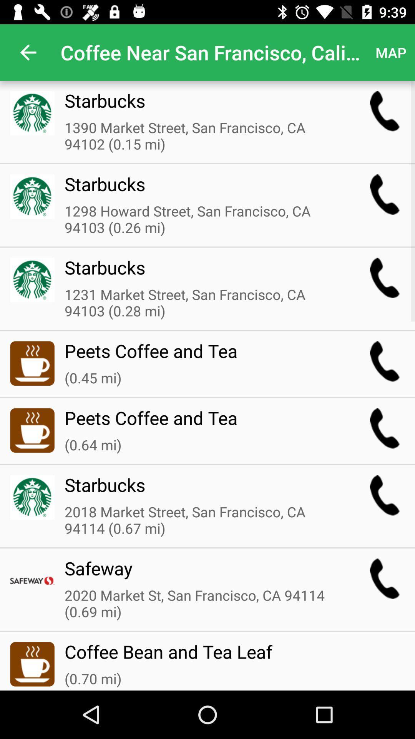 Image resolution: width=415 pixels, height=739 pixels. I want to click on icon below the safeway item, so click(201, 604).